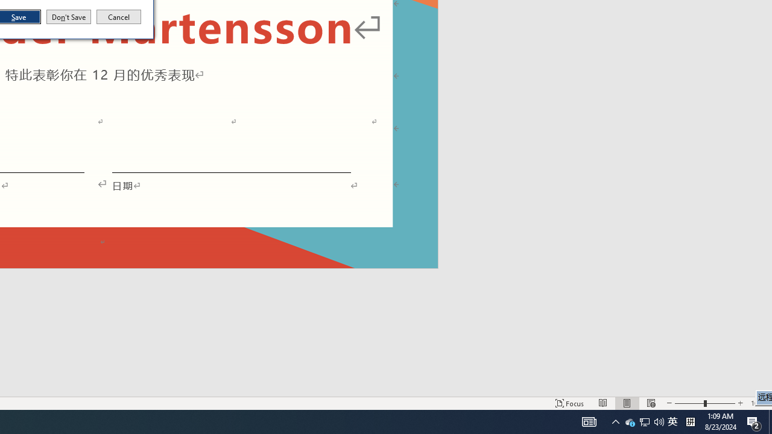  Describe the element at coordinates (659, 421) in the screenshot. I see `'Q2790: 100%'` at that location.